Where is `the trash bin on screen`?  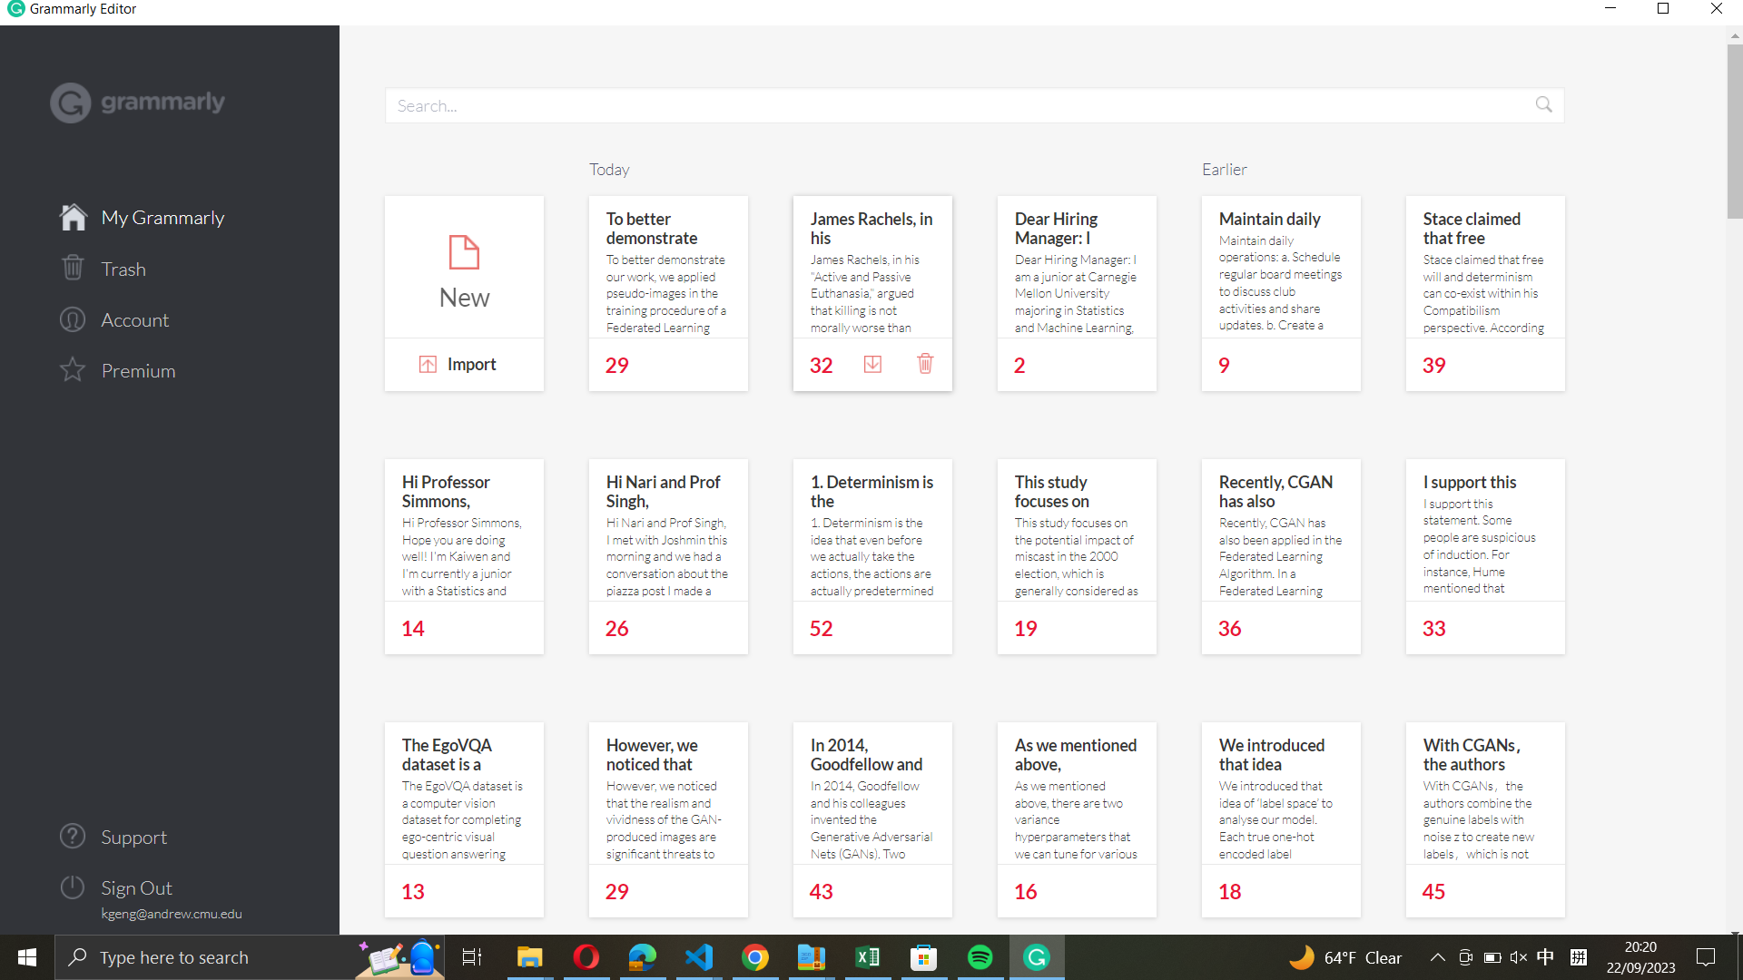 the trash bin on screen is located at coordinates (170, 267).